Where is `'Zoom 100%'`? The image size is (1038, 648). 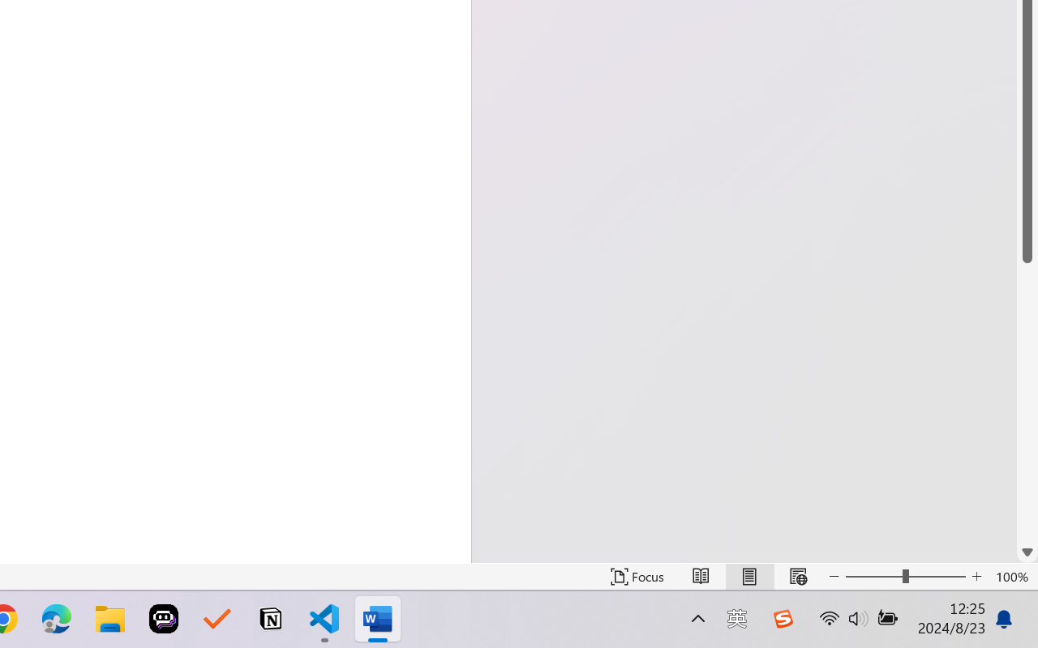
'Zoom 100%' is located at coordinates (1012, 576).